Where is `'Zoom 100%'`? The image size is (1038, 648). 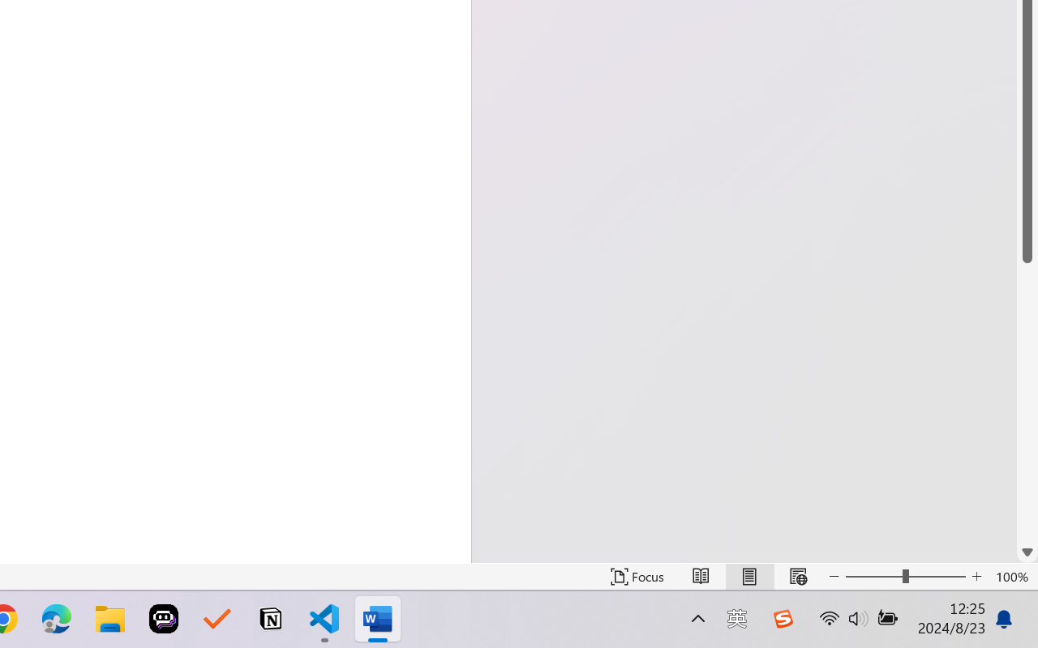
'Zoom 100%' is located at coordinates (1012, 576).